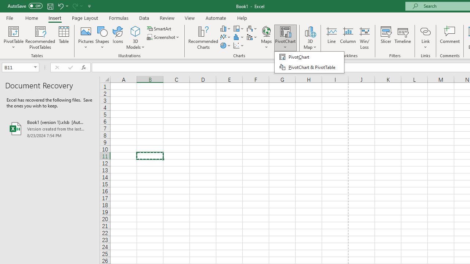  Describe the element at coordinates (225, 45) in the screenshot. I see `'Insert Pie or Doughnut Chart'` at that location.